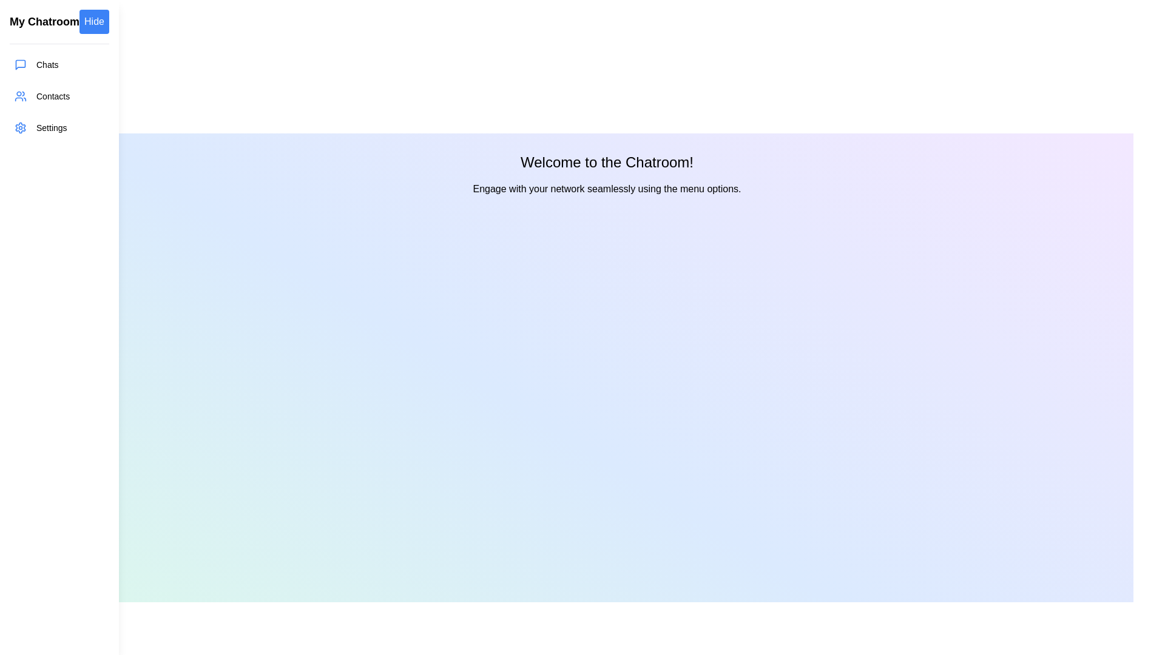 The width and height of the screenshot is (1165, 655). What do you see at coordinates (58, 65) in the screenshot?
I see `the menu item Chats in the drawer` at bounding box center [58, 65].